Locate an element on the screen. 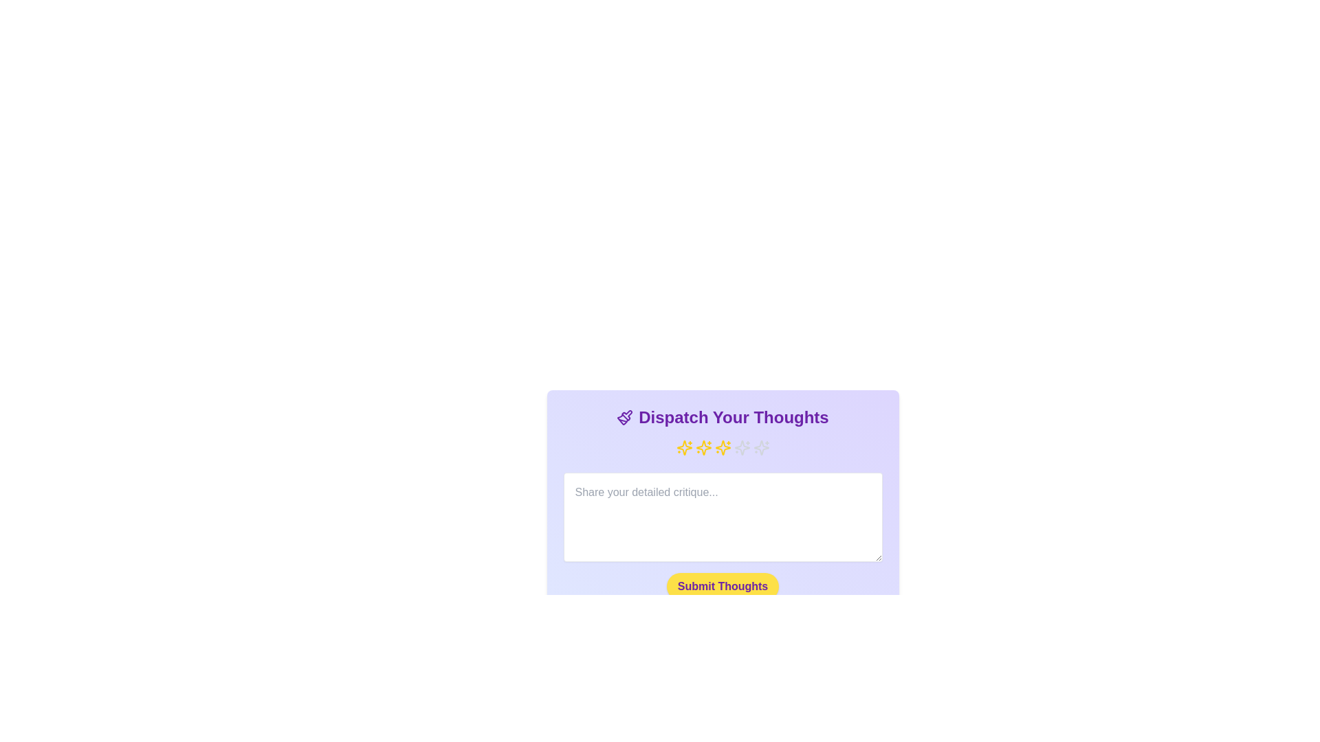  'Submit Thoughts' button to submit the feedback is located at coordinates (722, 586).